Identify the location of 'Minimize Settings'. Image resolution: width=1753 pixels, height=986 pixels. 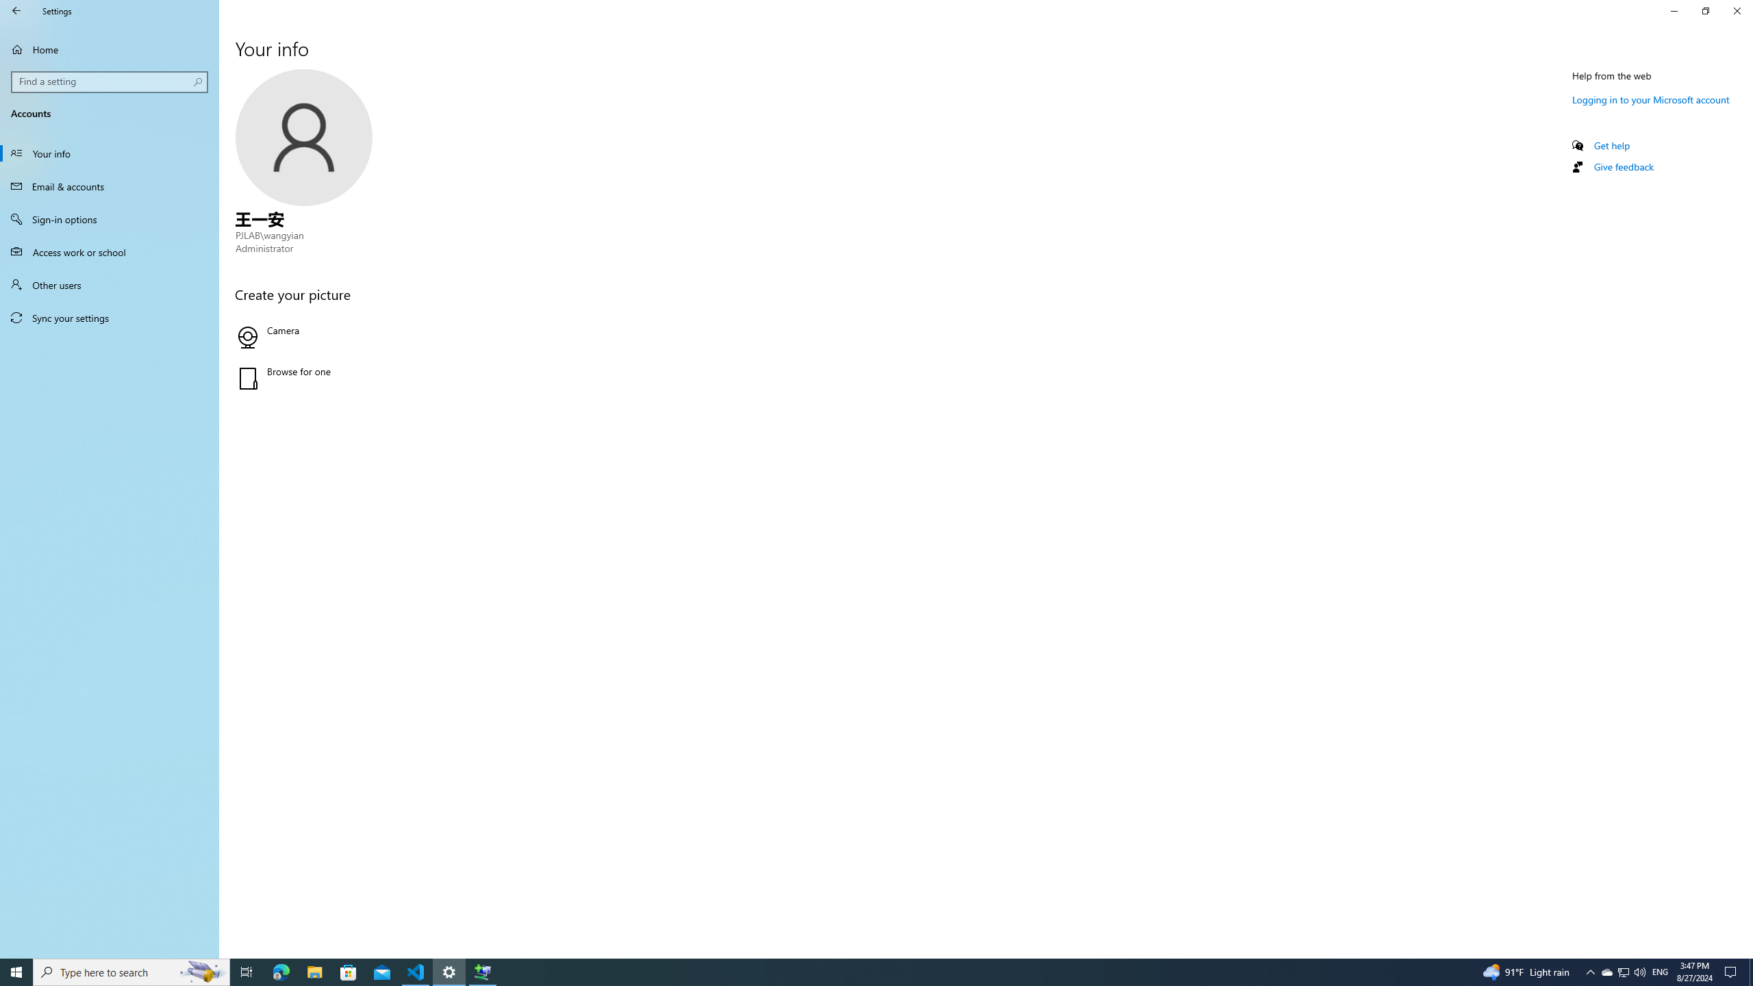
(1673, 10).